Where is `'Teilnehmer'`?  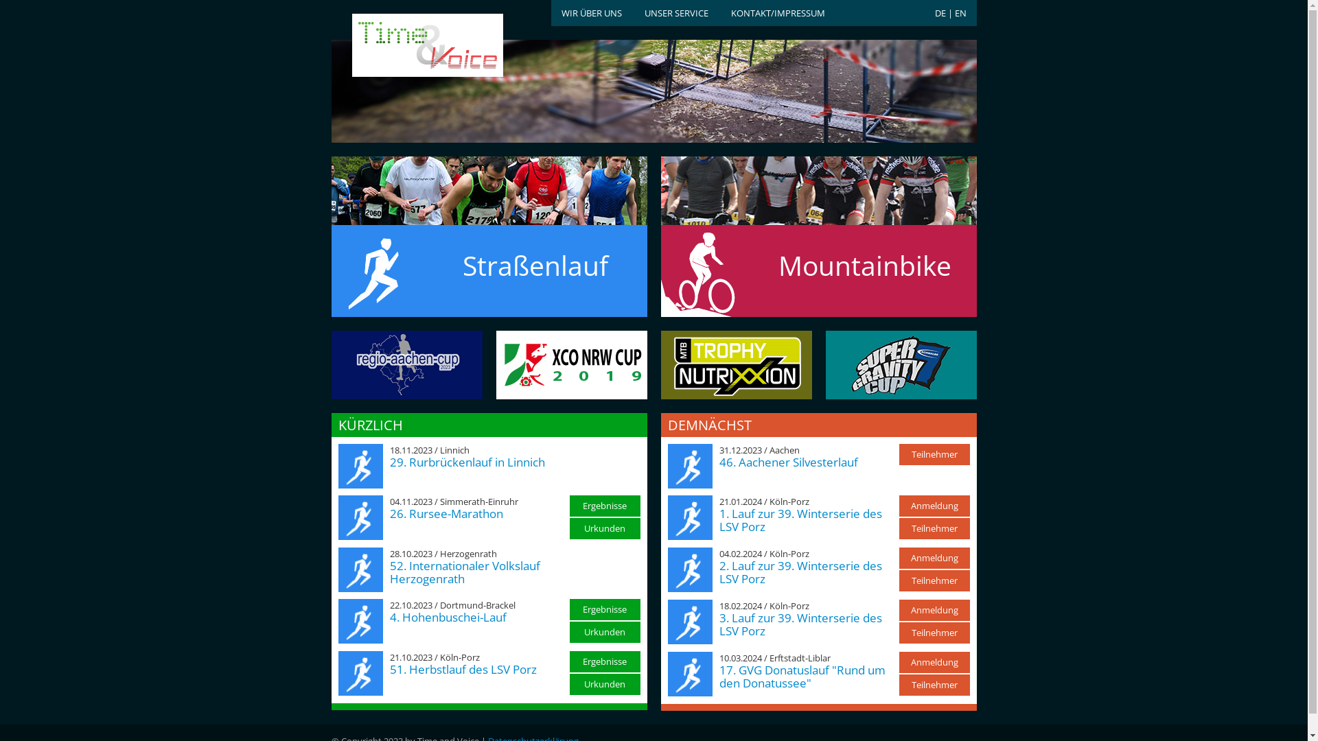 'Teilnehmer' is located at coordinates (934, 633).